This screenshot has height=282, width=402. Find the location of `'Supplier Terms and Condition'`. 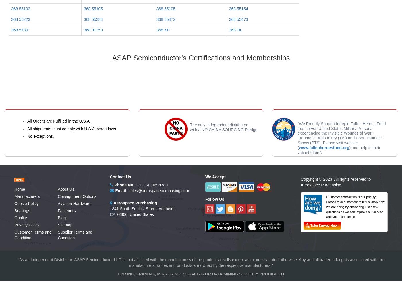

'Supplier Terms and Condition' is located at coordinates (75, 234).